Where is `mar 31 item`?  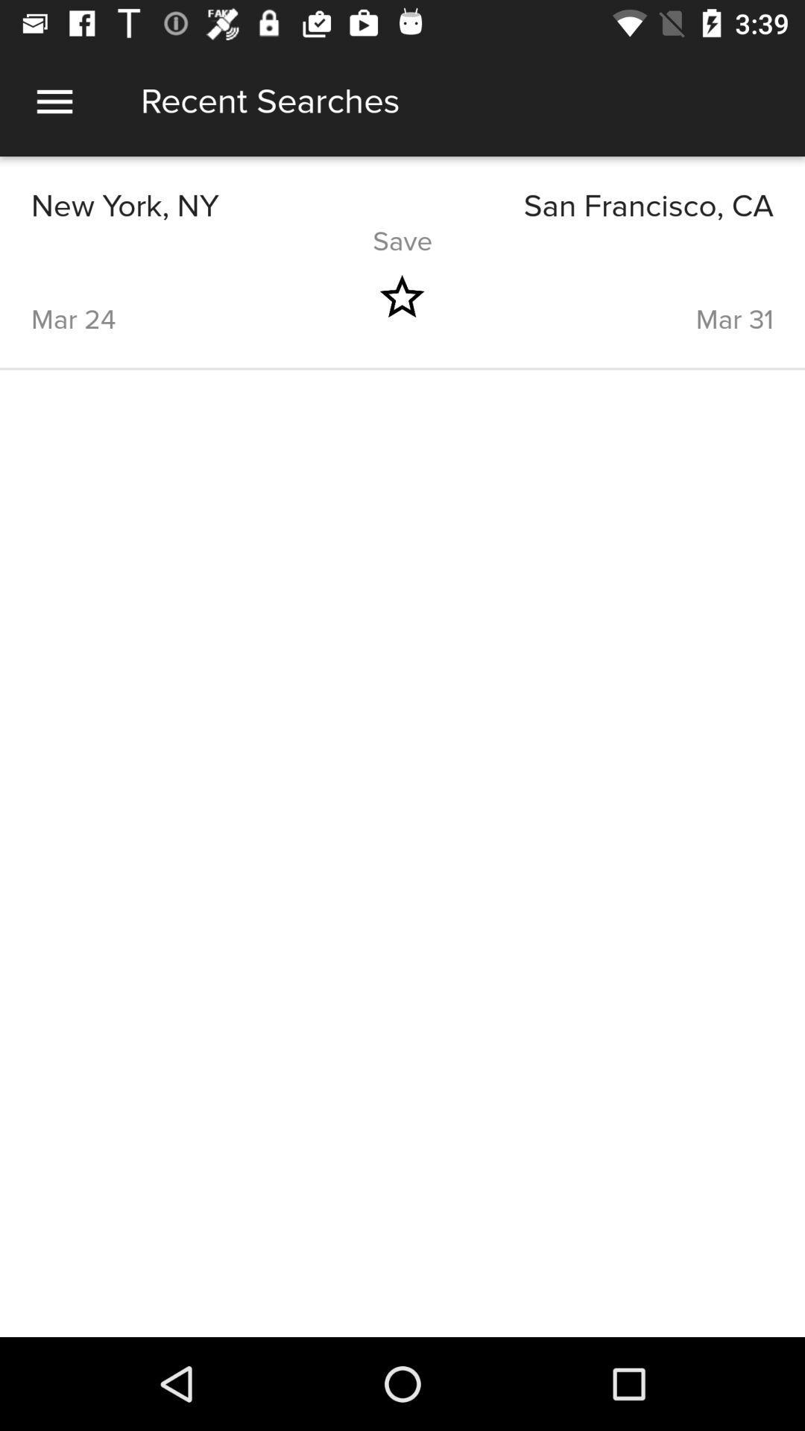
mar 31 item is located at coordinates (625, 297).